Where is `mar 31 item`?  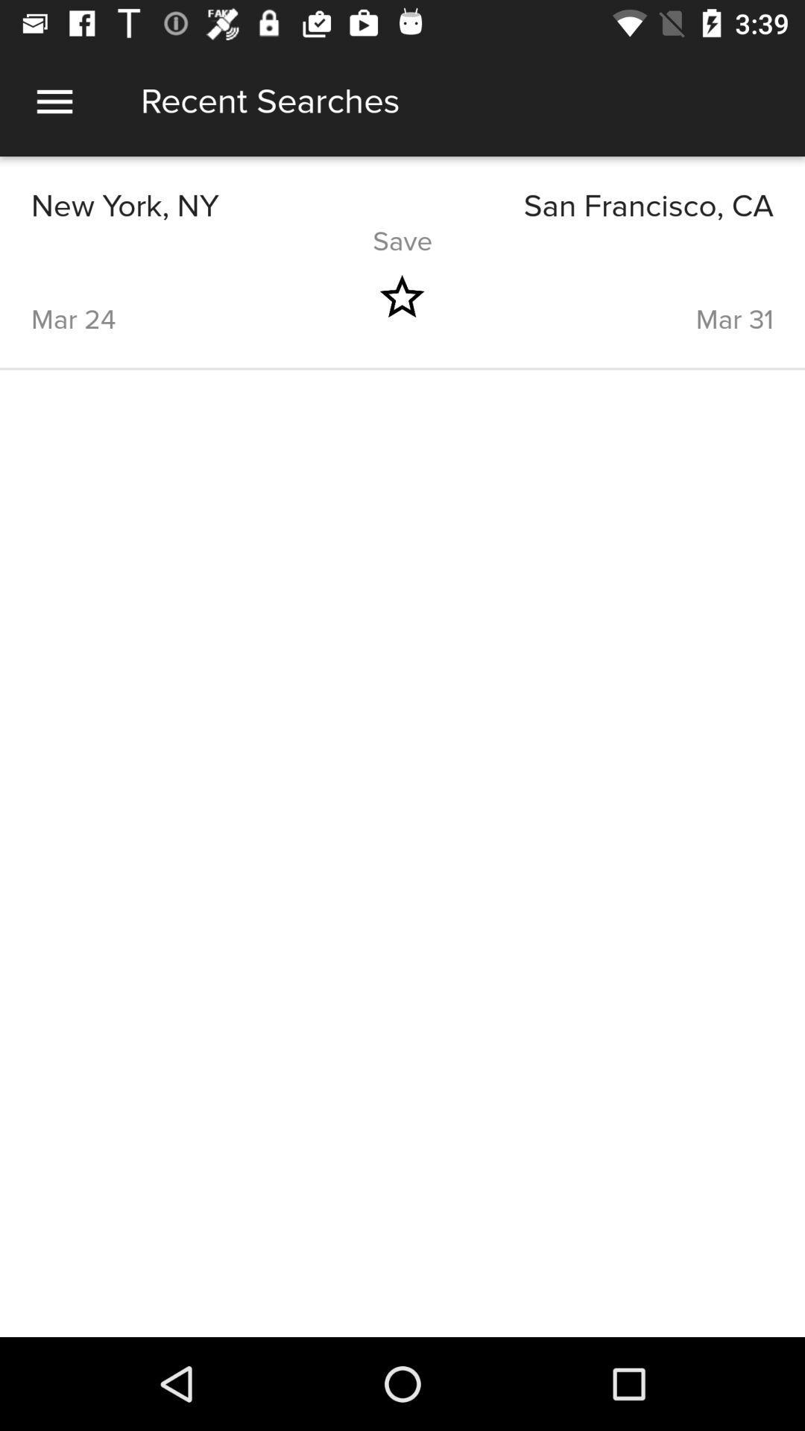
mar 31 item is located at coordinates (625, 297).